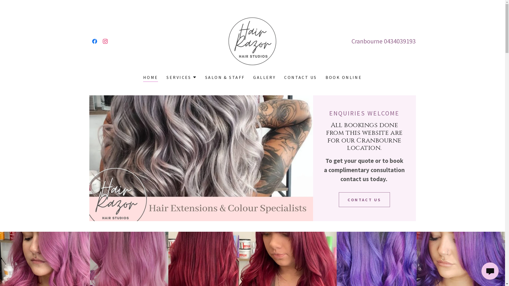  What do you see at coordinates (252, 40) in the screenshot?
I see `'Hair Razor Hair Studios'` at bounding box center [252, 40].